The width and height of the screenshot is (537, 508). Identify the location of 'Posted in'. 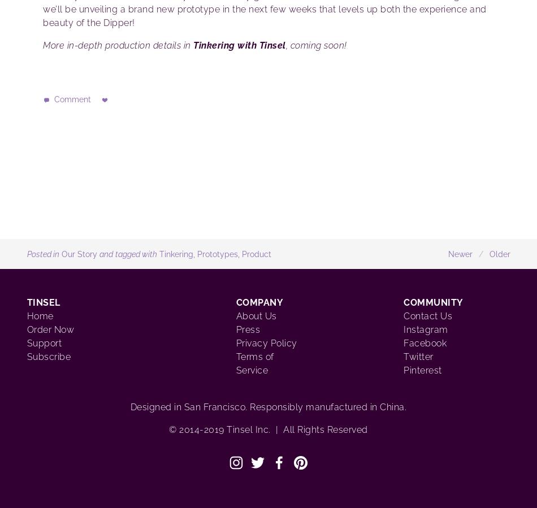
(42, 253).